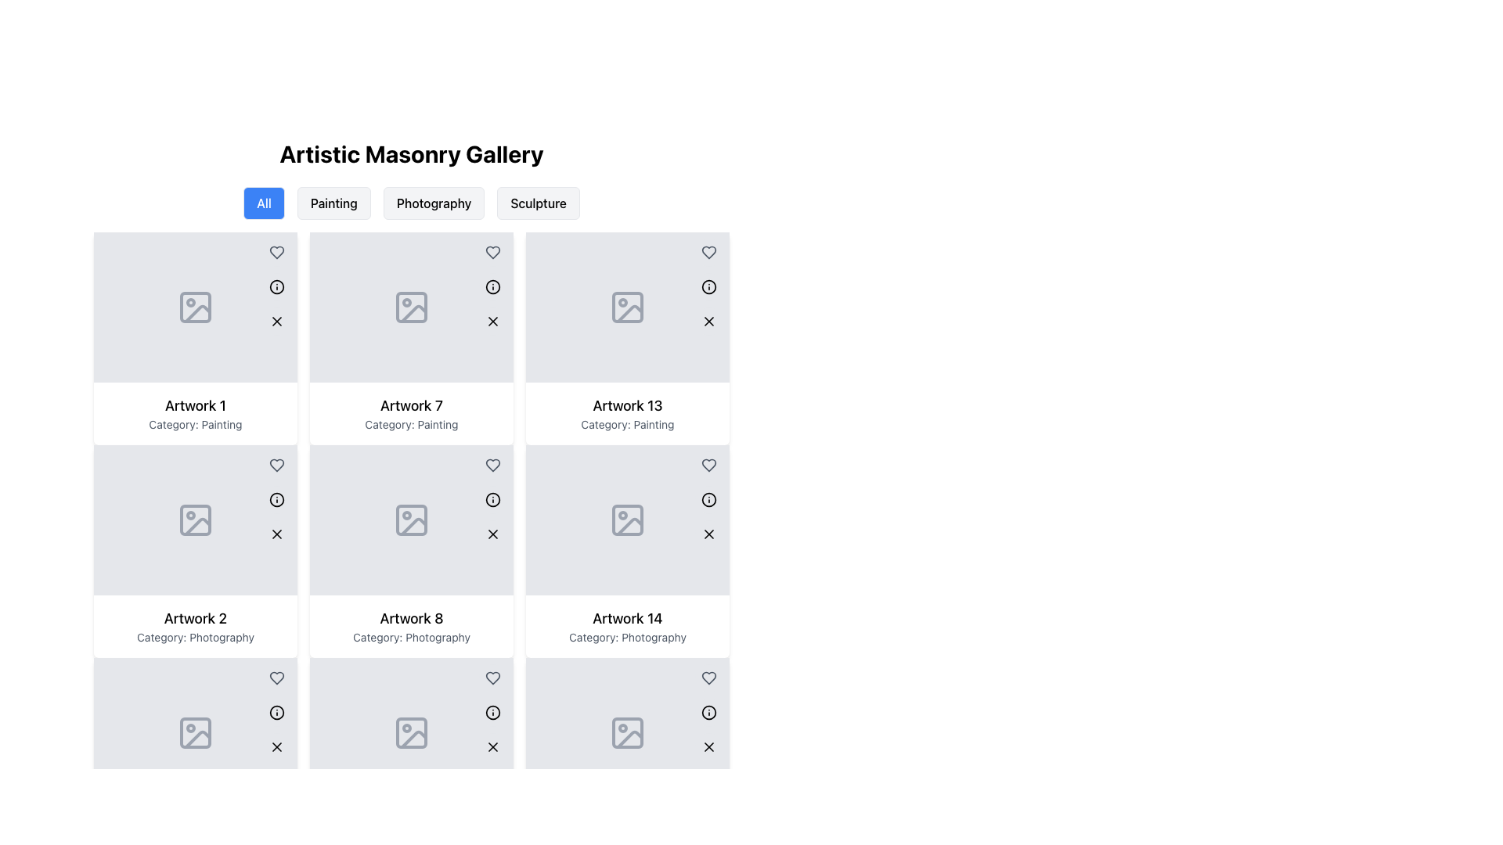  I want to click on the circular button with a heart icon located at the top right corner of the card for 'Artwork 1', so click(277, 252).